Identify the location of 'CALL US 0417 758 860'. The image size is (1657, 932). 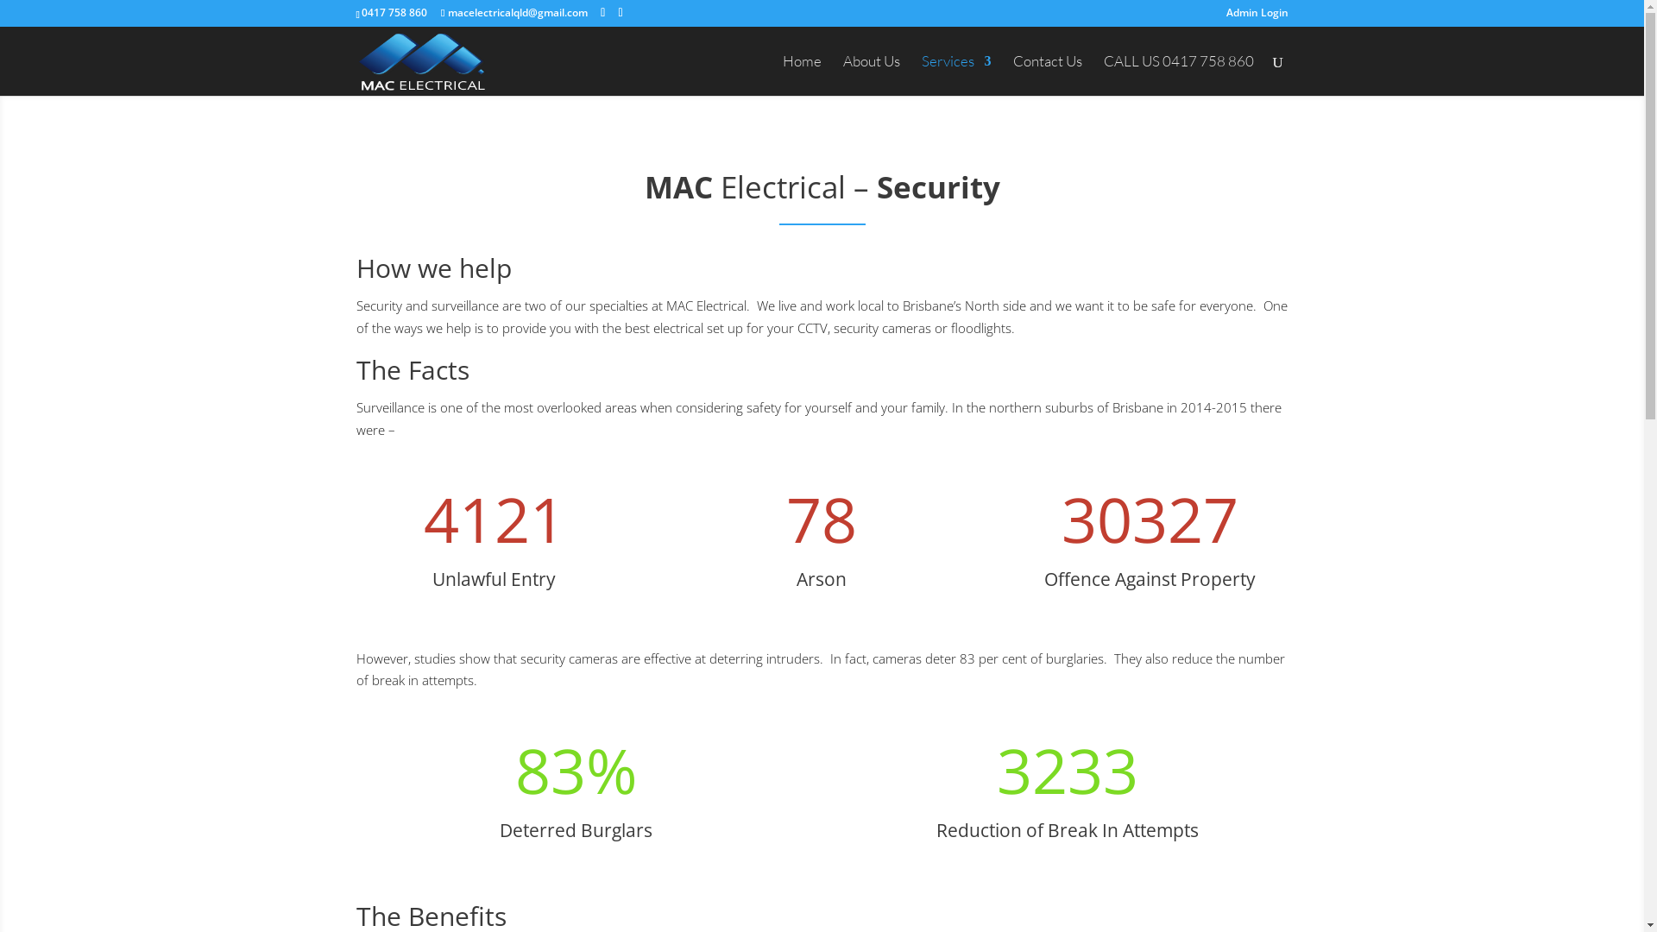
(1176, 74).